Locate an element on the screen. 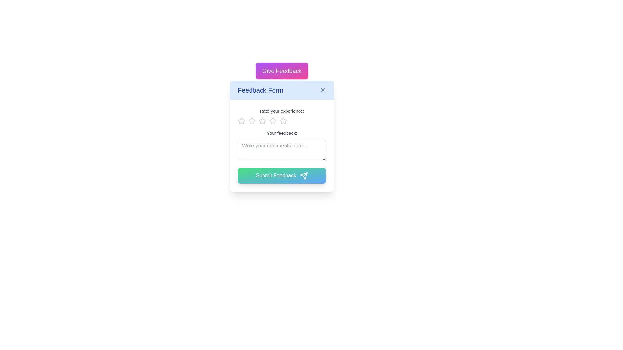 The height and width of the screenshot is (350, 623). the fifth star-shaped icon in the rating system is located at coordinates (283, 121).